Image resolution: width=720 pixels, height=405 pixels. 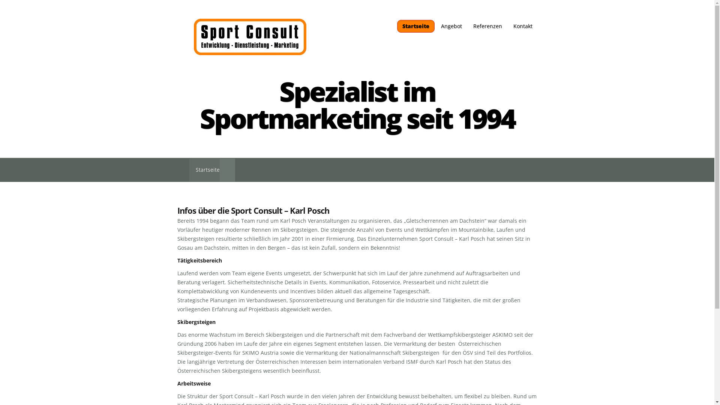 What do you see at coordinates (522, 25) in the screenshot?
I see `'Kontakt'` at bounding box center [522, 25].